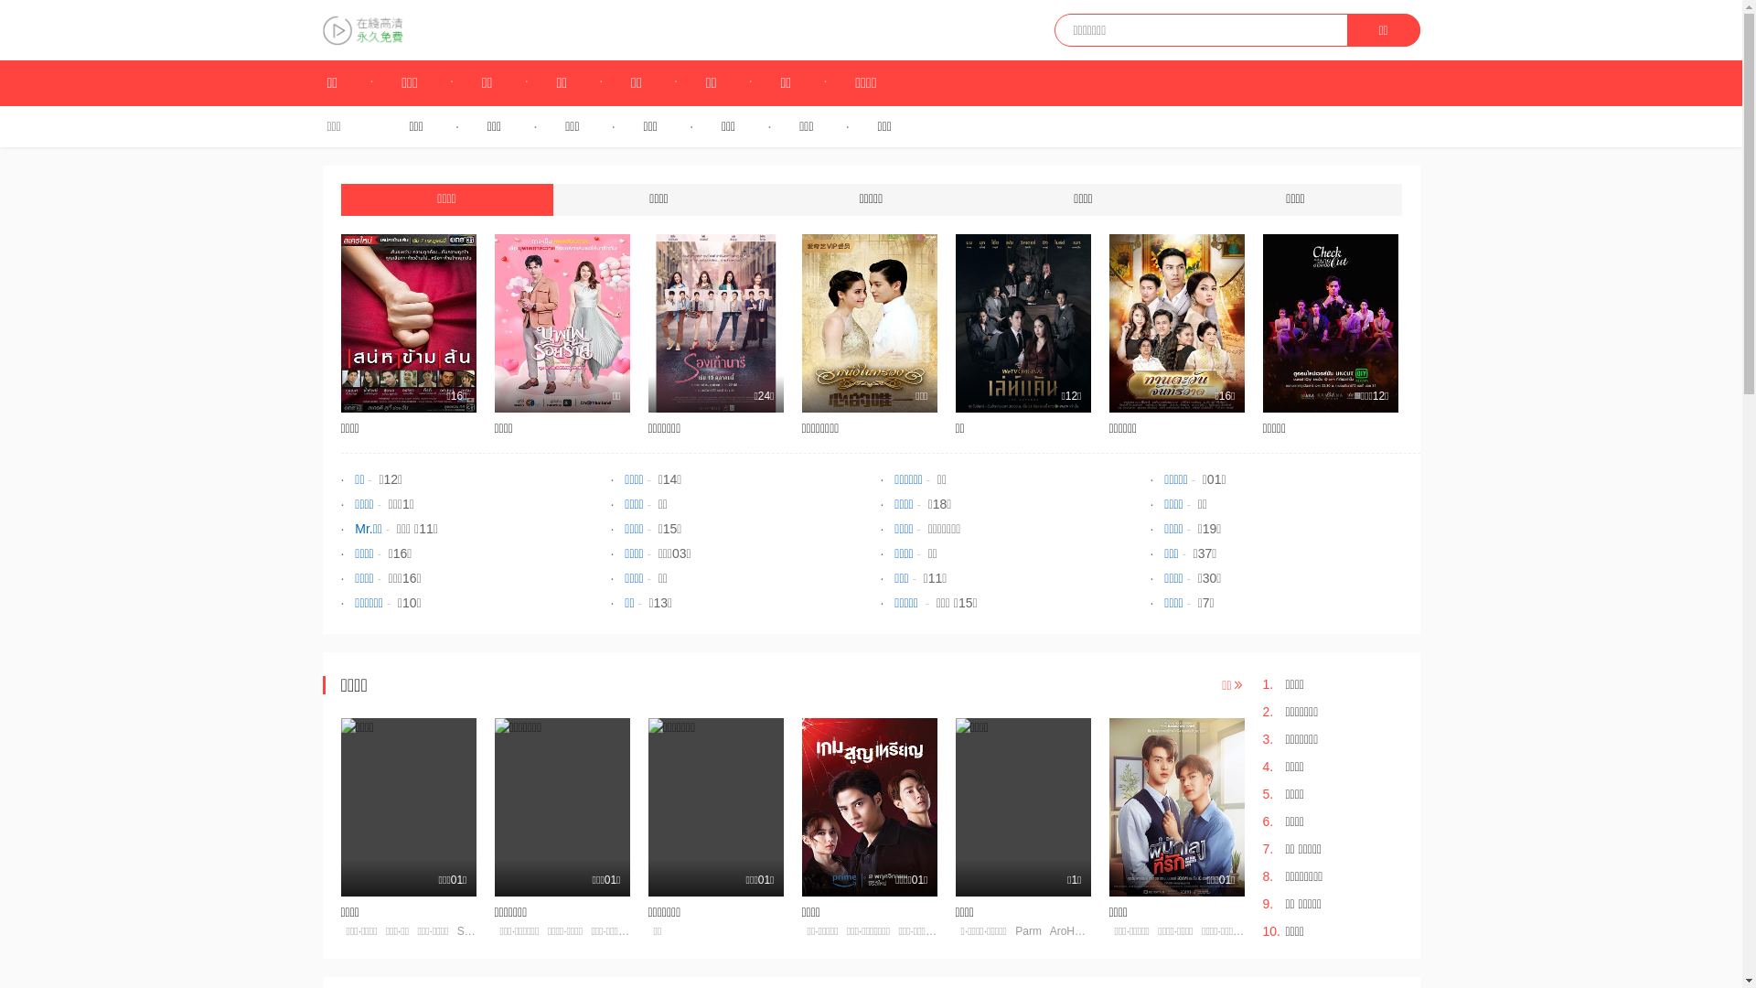 The image size is (1756, 988). Describe the element at coordinates (1065, 931) in the screenshot. I see `'AroHa'` at that location.